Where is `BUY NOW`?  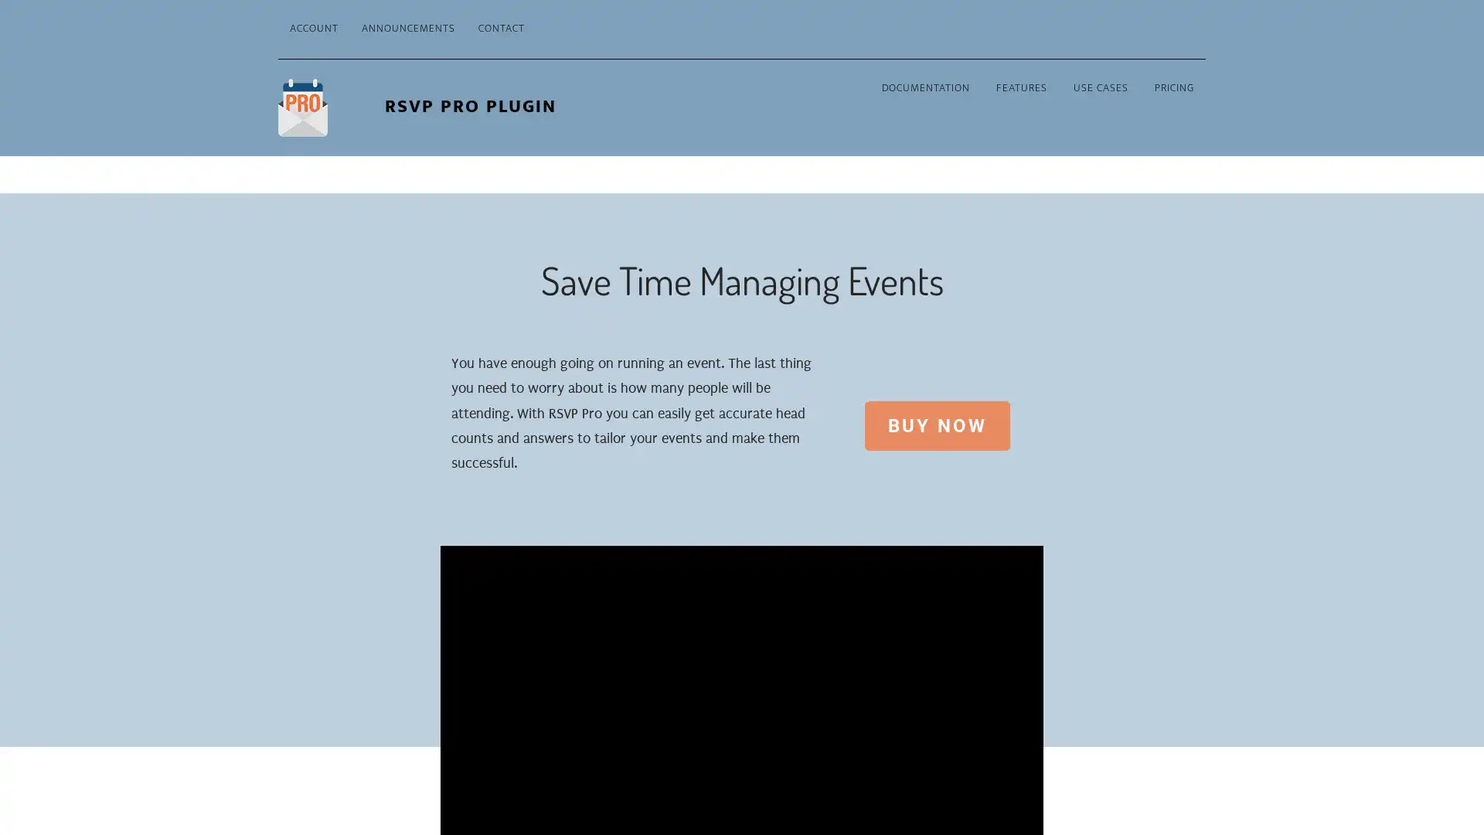
BUY NOW is located at coordinates (935, 425).